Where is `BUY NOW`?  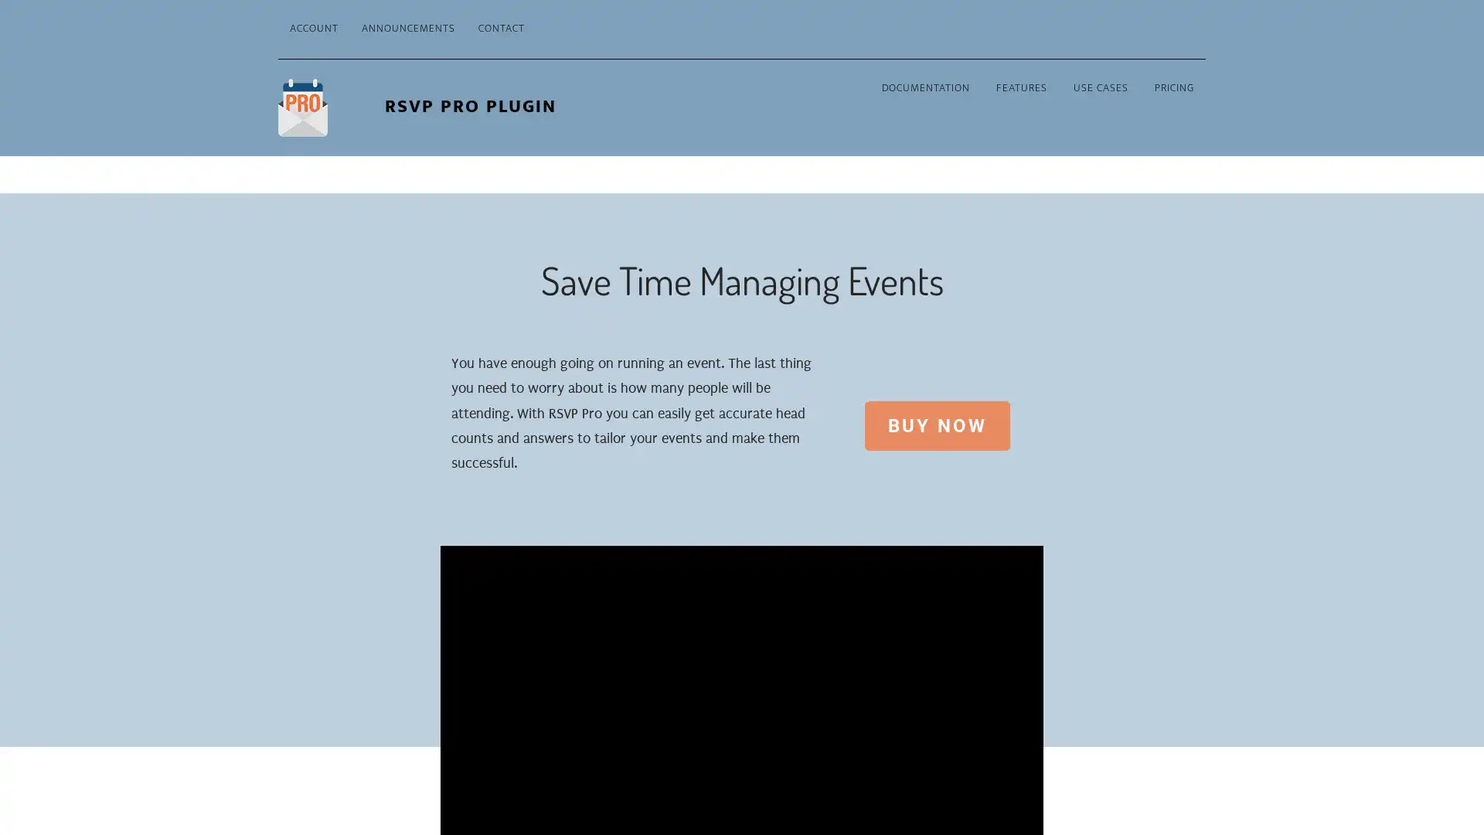
BUY NOW is located at coordinates (935, 425).